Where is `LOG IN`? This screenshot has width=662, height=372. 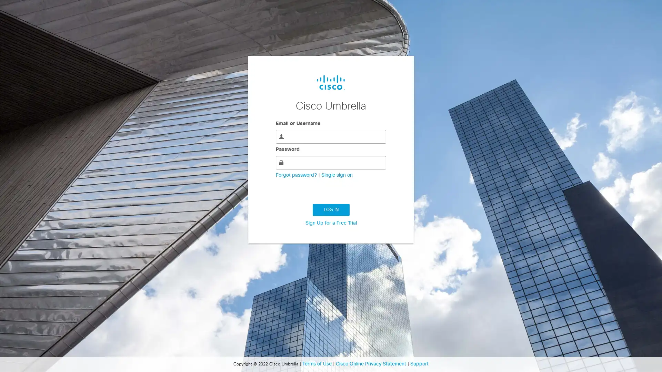 LOG IN is located at coordinates (330, 209).